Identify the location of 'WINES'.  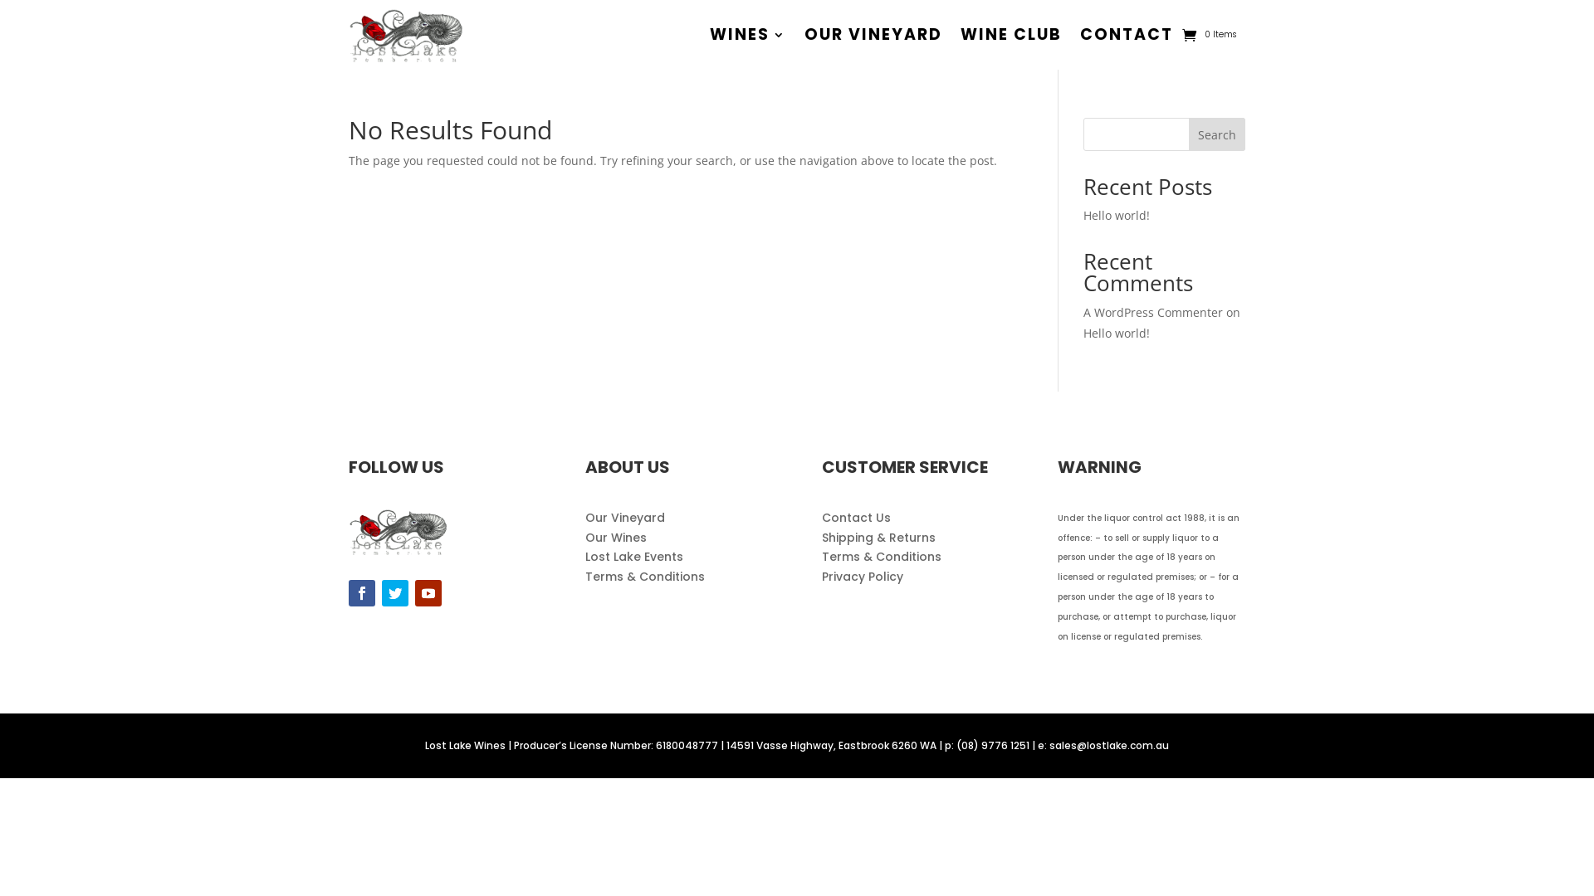
(747, 35).